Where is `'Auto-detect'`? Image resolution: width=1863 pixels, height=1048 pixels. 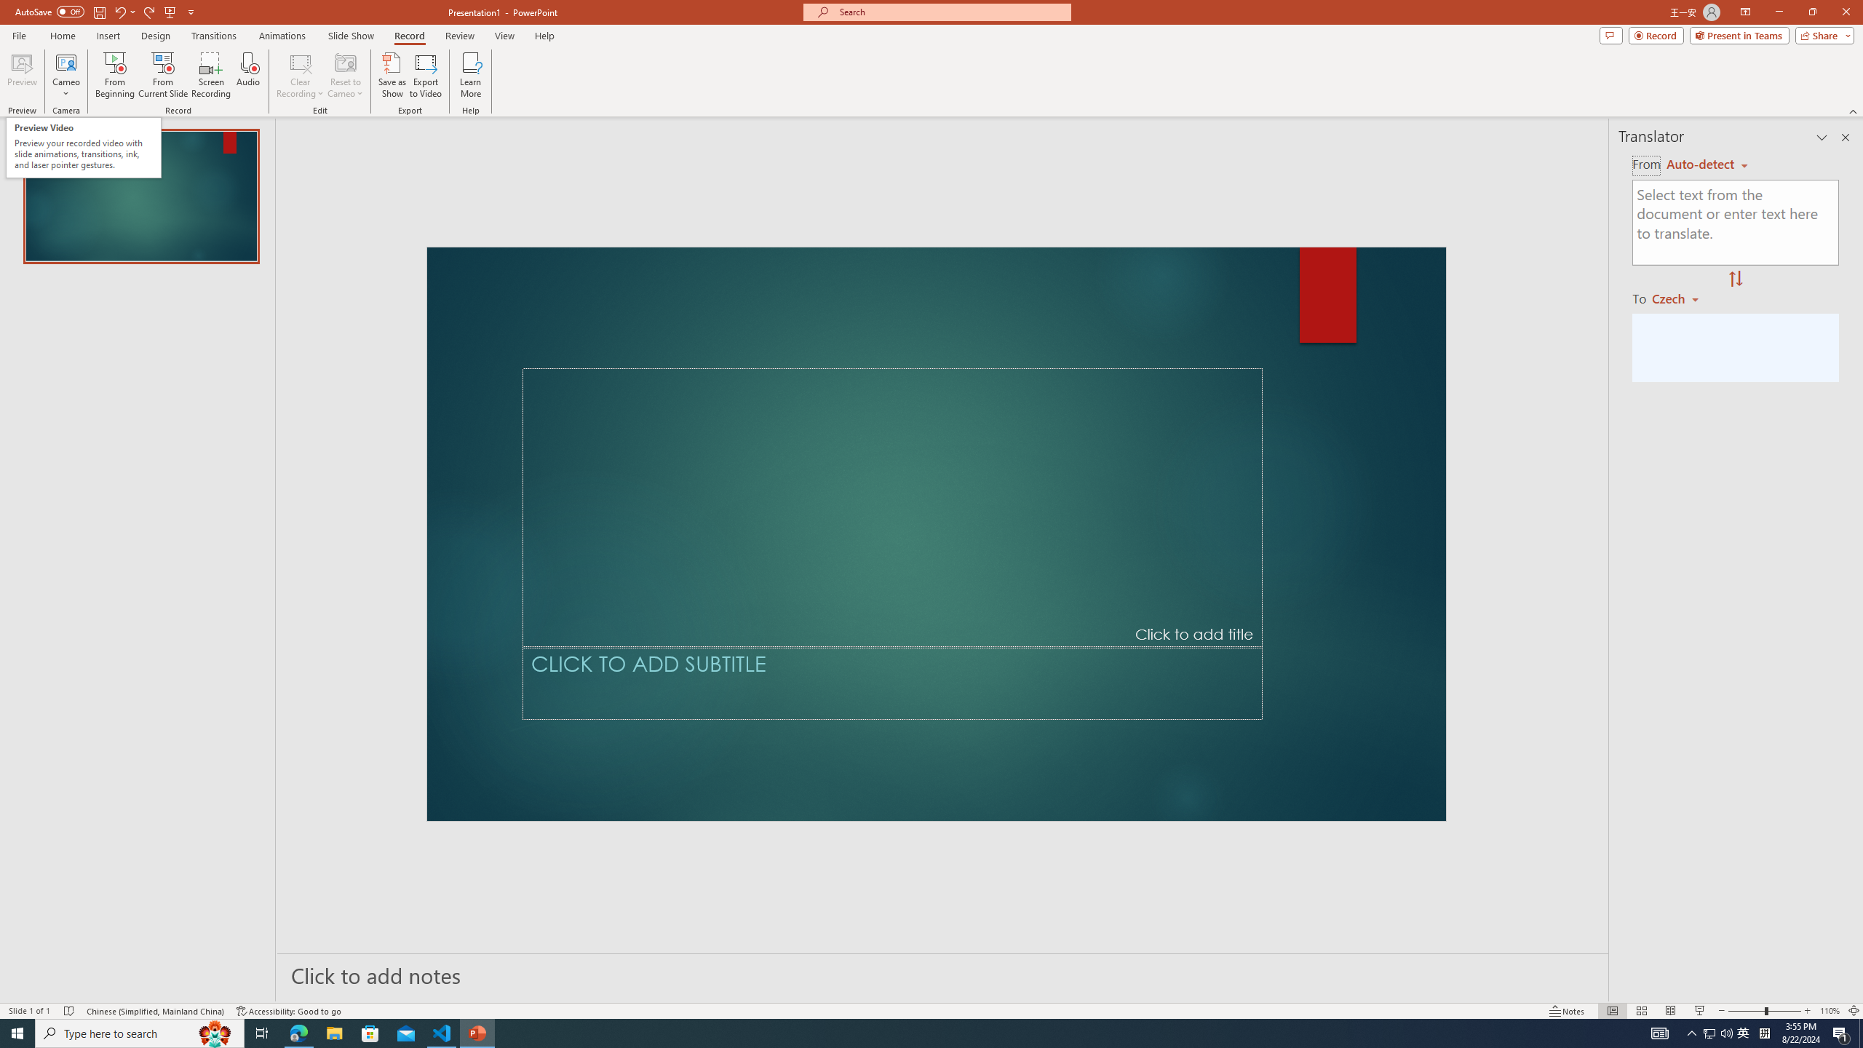
'Auto-detect' is located at coordinates (1707, 164).